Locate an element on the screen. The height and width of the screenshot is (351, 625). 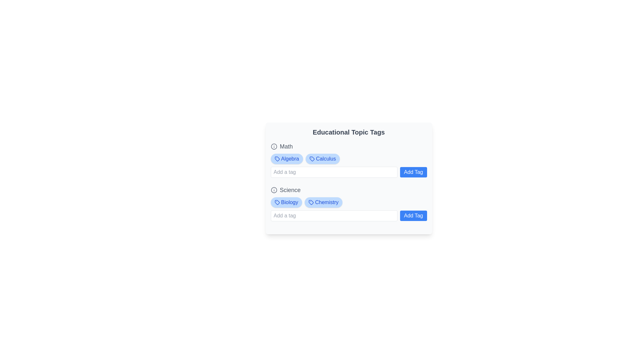
the submit button located to the right of the 'Add a tag' input field in the 'Science' section is located at coordinates (413, 215).